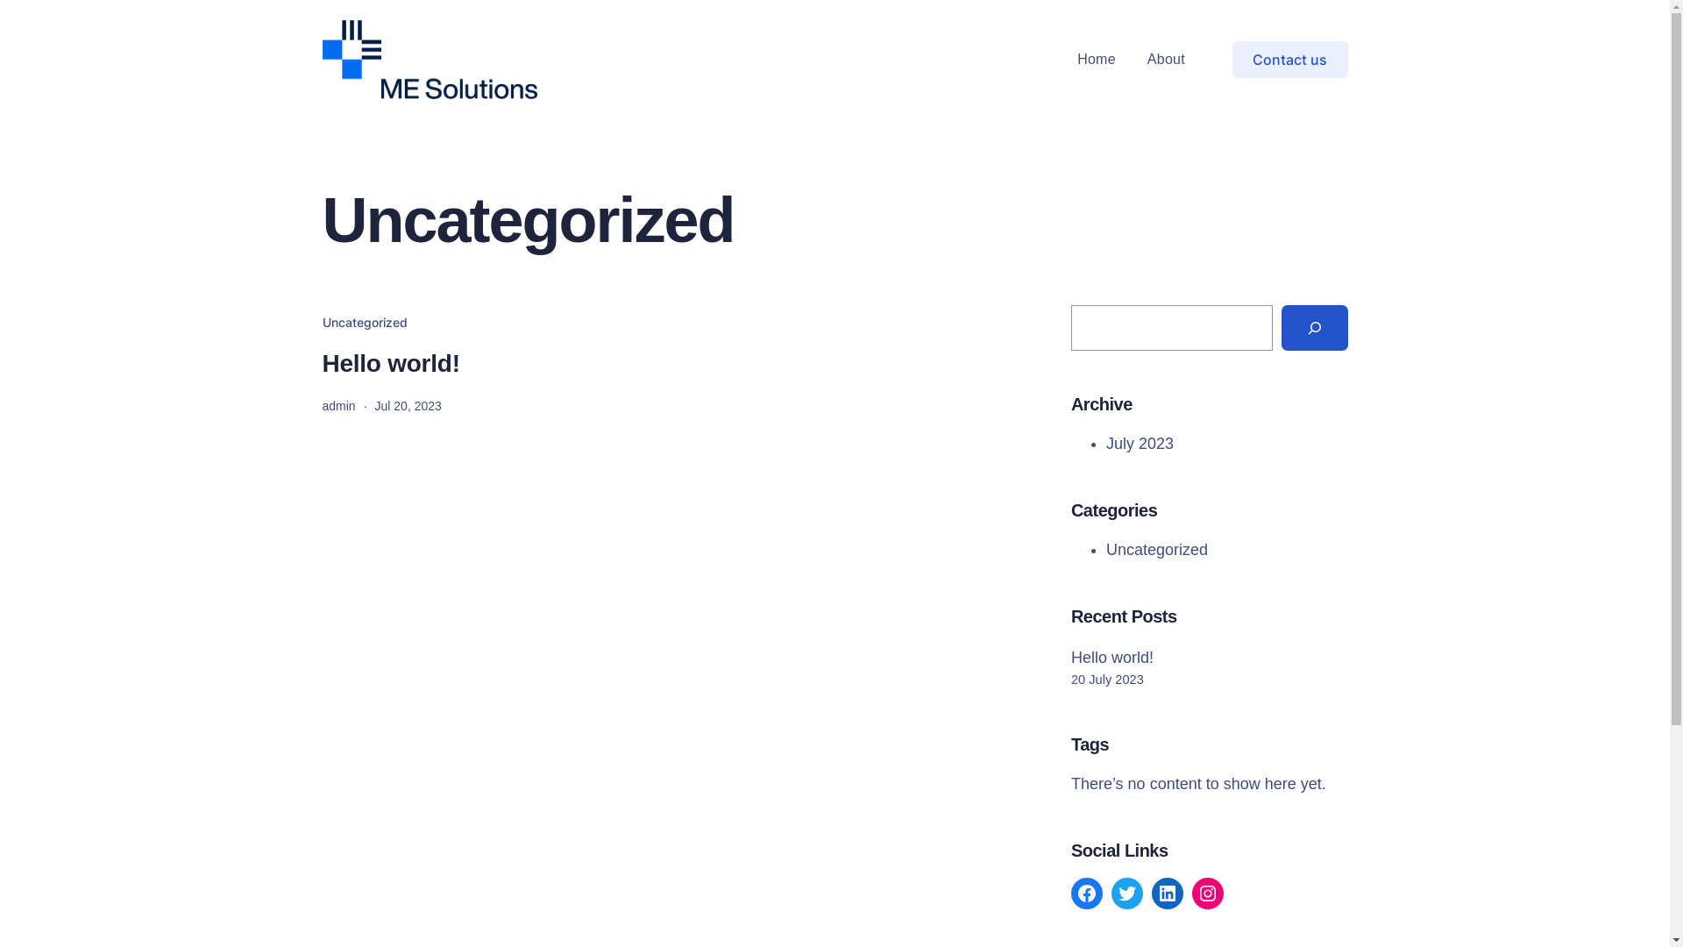 This screenshot has width=1683, height=947. What do you see at coordinates (1206, 893) in the screenshot?
I see `'Instagram'` at bounding box center [1206, 893].